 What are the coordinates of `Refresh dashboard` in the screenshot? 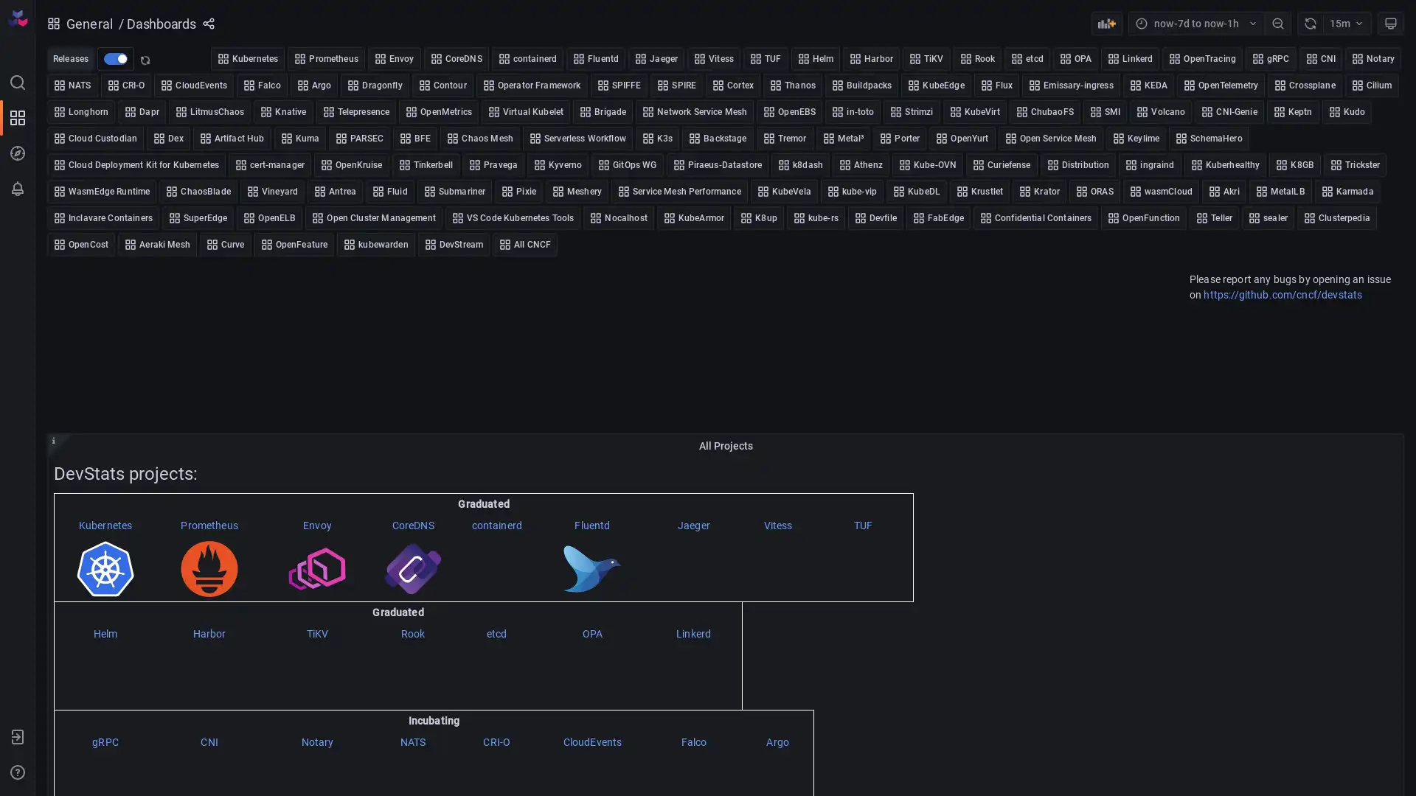 It's located at (1309, 23).